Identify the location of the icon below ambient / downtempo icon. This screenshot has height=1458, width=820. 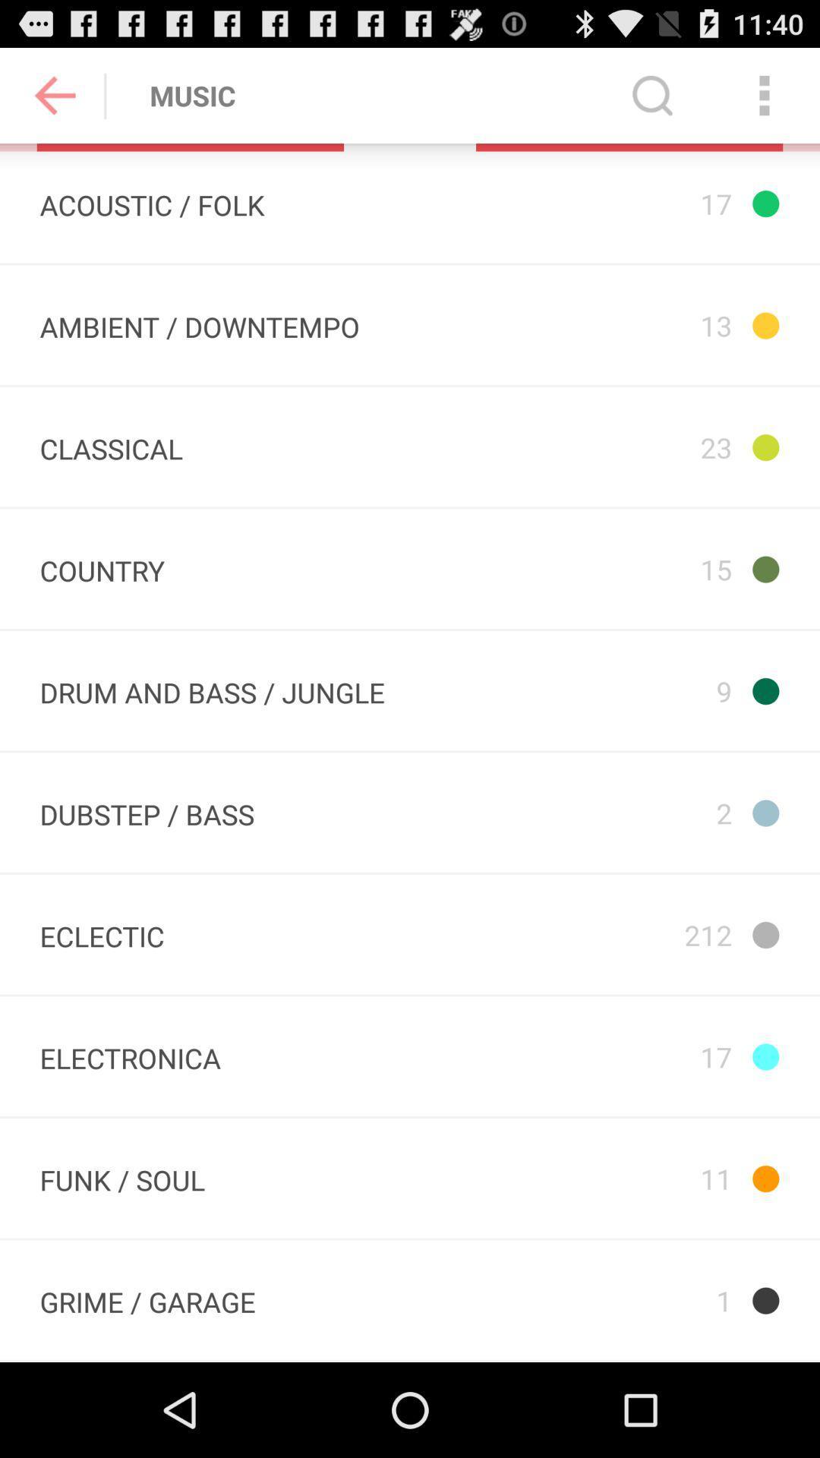
(110, 446).